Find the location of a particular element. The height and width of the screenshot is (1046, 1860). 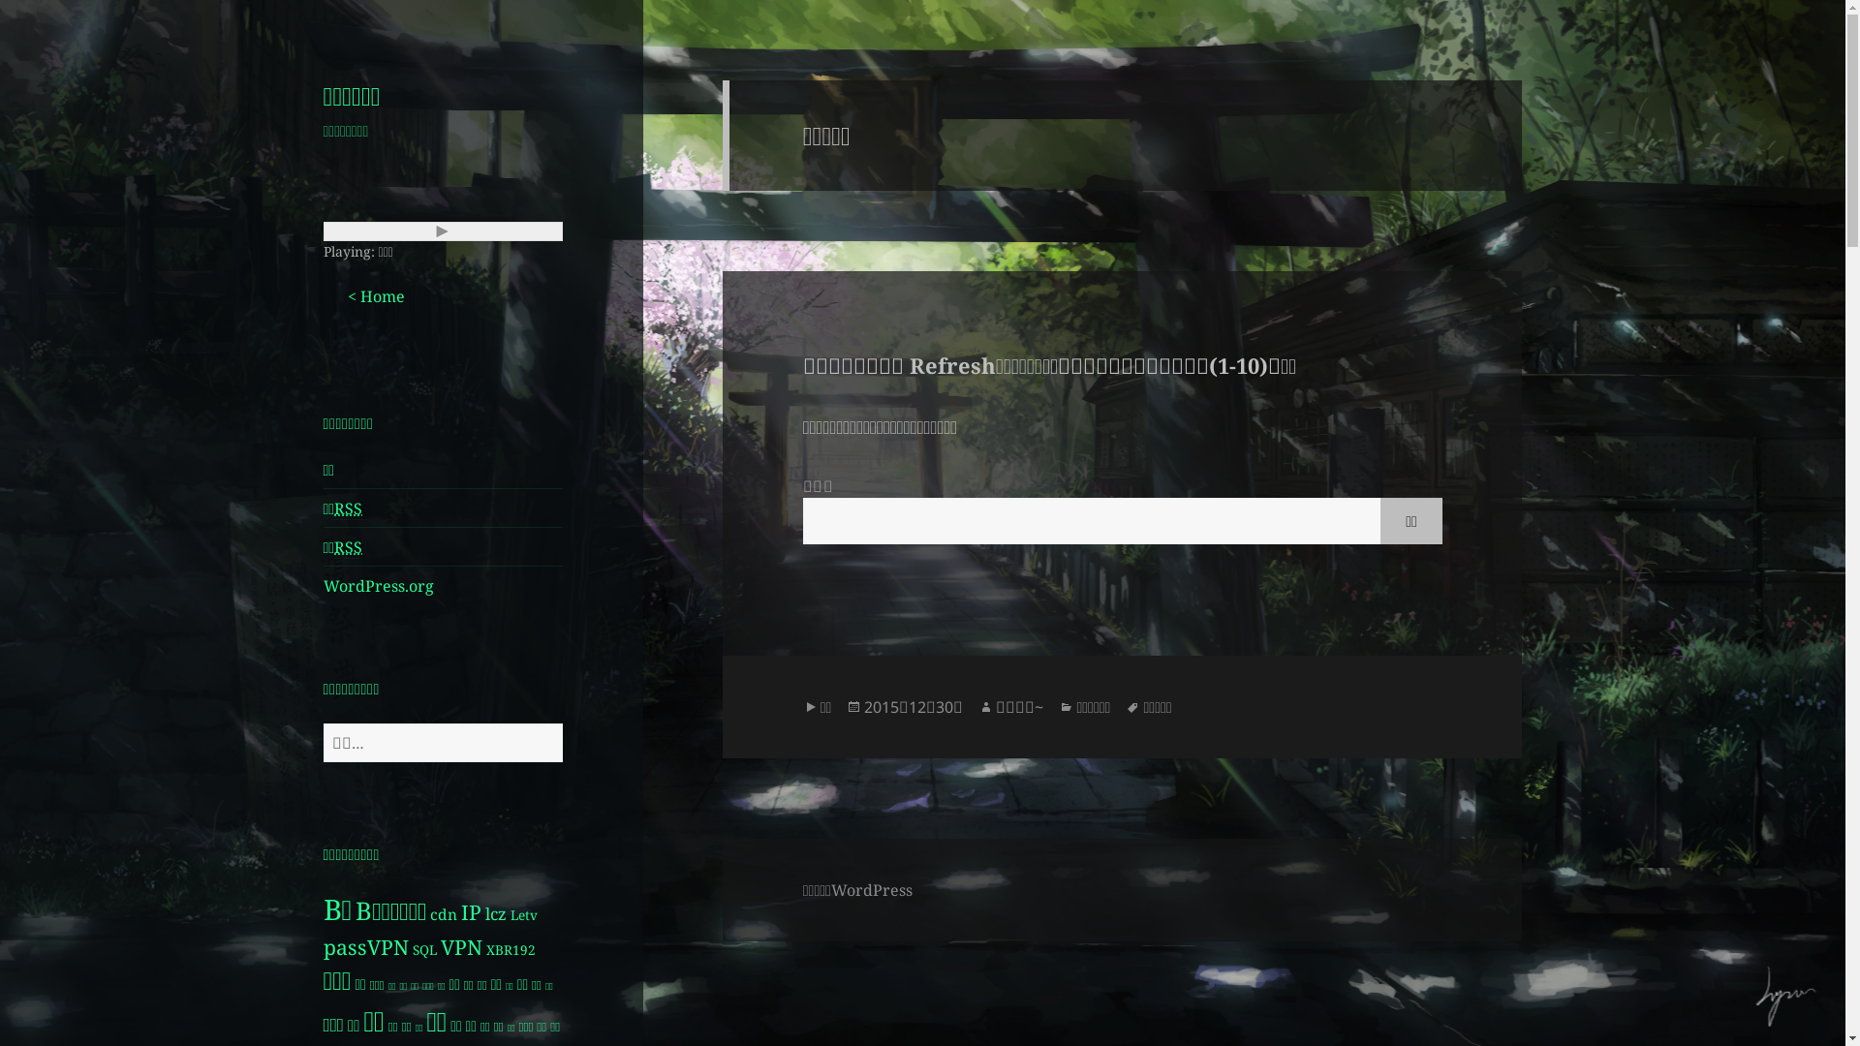

'Letv' is located at coordinates (524, 915).